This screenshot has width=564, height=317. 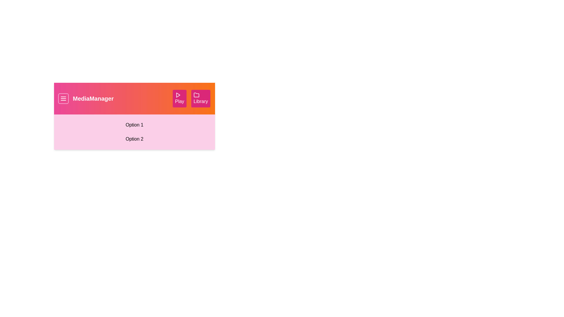 What do you see at coordinates (179, 98) in the screenshot?
I see `the 'Play' button in the media app bar` at bounding box center [179, 98].